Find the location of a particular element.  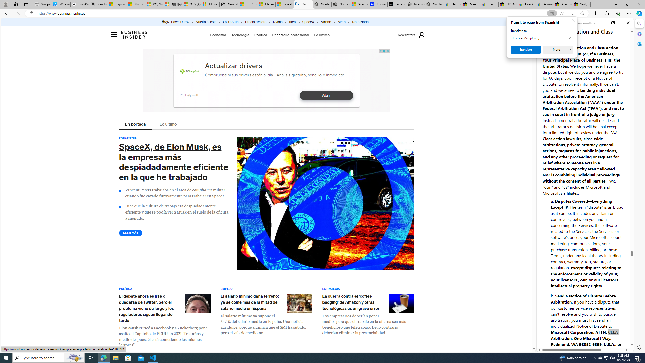

'Buy iPad - Apple' is located at coordinates (79, 4).